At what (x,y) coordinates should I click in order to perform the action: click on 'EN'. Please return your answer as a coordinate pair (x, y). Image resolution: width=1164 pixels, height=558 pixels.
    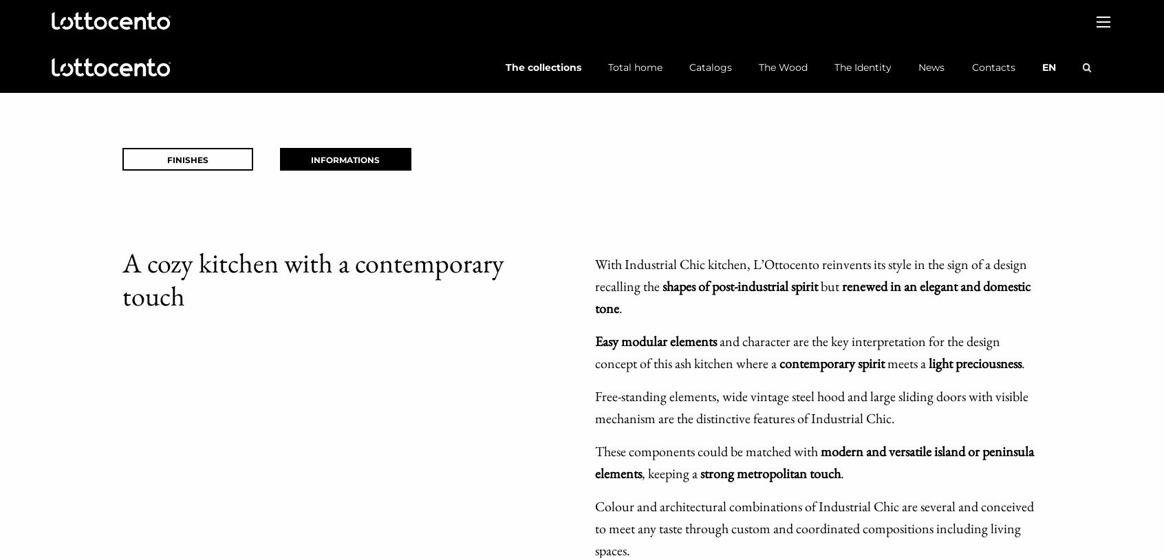
    Looking at the image, I should click on (1048, 67).